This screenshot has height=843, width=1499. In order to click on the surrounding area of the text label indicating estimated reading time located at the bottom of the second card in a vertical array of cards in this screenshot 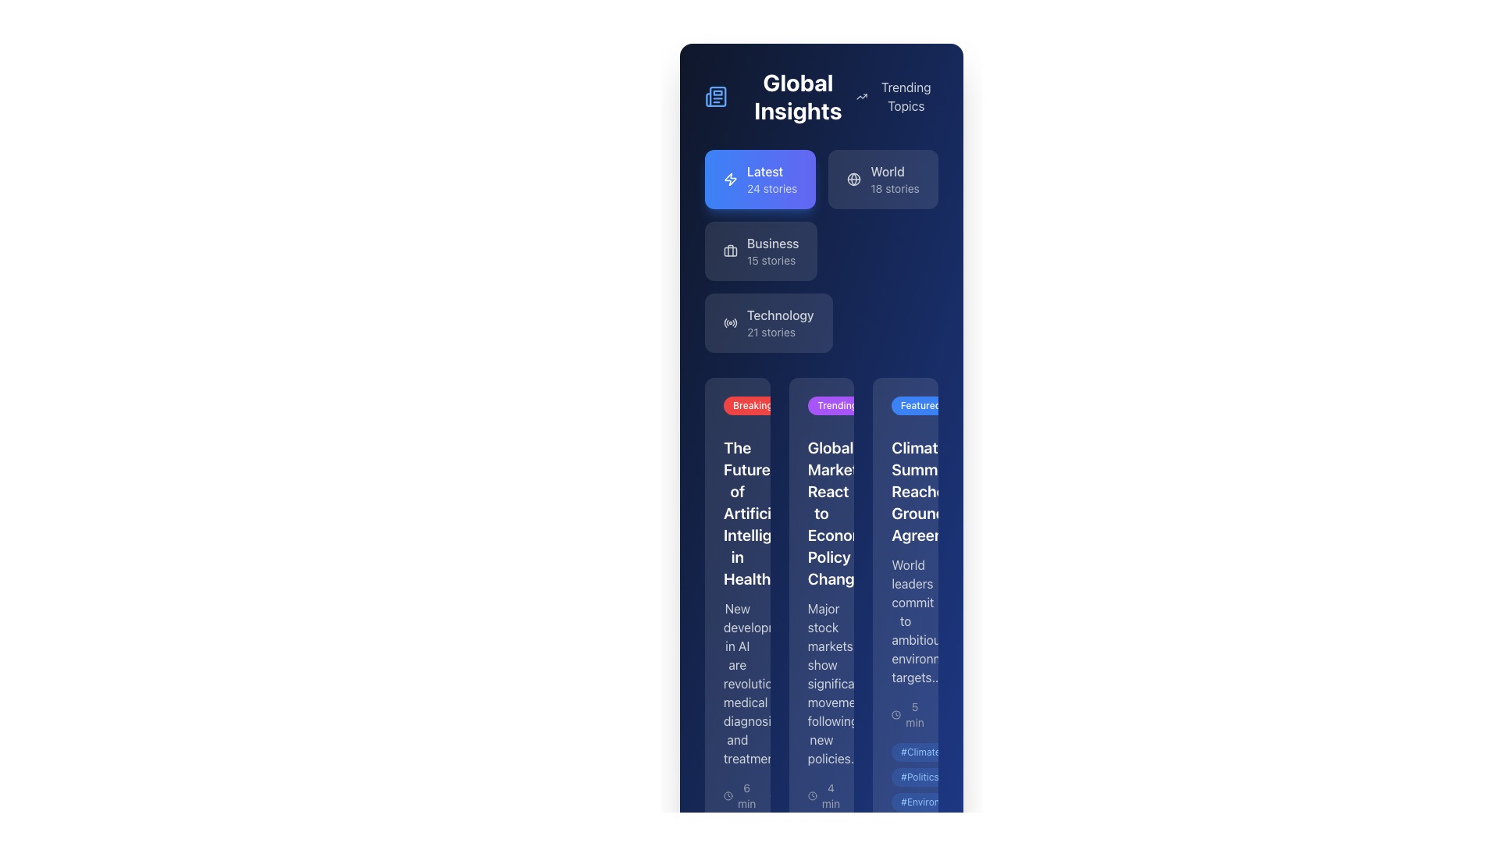, I will do `click(824, 795)`.